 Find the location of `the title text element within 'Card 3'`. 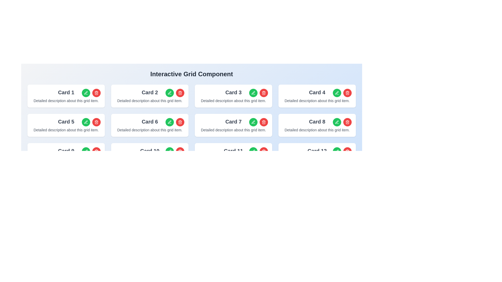

the title text element within 'Card 3' is located at coordinates (233, 92).